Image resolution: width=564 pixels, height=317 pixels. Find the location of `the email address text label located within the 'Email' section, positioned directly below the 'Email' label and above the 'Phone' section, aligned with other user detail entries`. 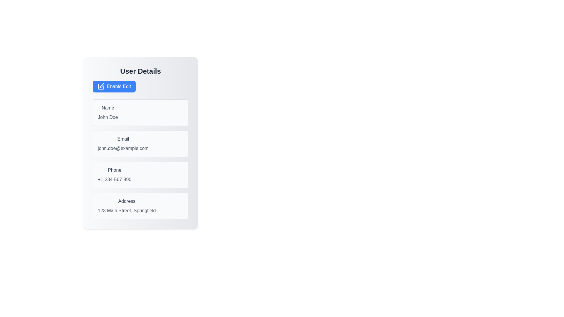

the email address text label located within the 'Email' section, positioned directly below the 'Email' label and above the 'Phone' section, aligned with other user detail entries is located at coordinates (123, 148).